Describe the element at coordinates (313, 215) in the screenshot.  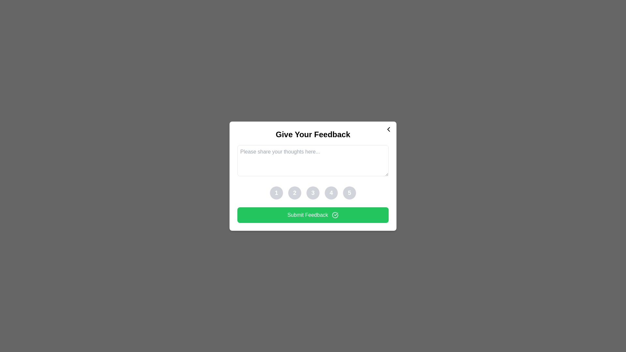
I see `the 'Submit Feedback' button to submit the feedback form` at that location.